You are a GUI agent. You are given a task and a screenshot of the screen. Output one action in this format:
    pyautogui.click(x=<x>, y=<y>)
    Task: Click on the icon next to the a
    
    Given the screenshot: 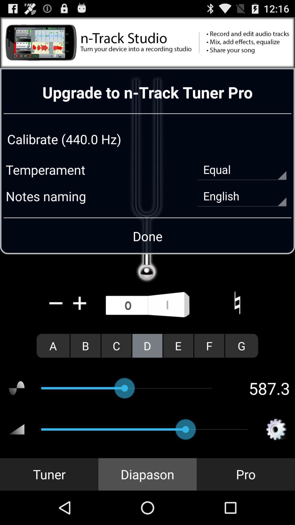 What is the action you would take?
    pyautogui.click(x=85, y=345)
    